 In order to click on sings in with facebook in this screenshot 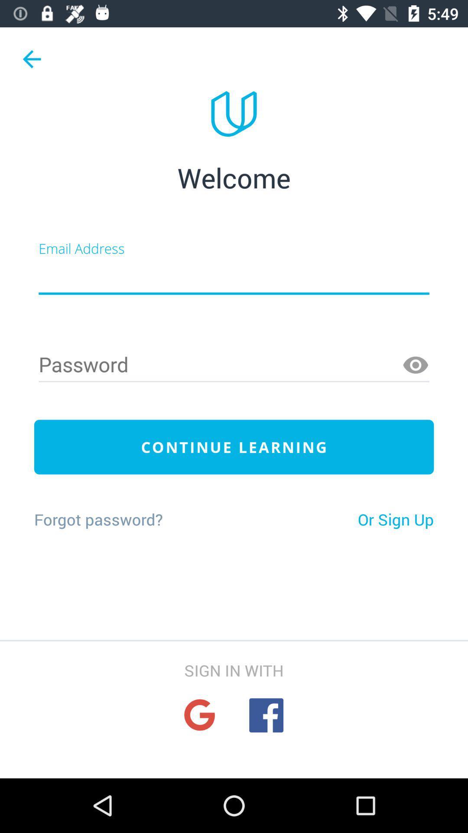, I will do `click(266, 715)`.